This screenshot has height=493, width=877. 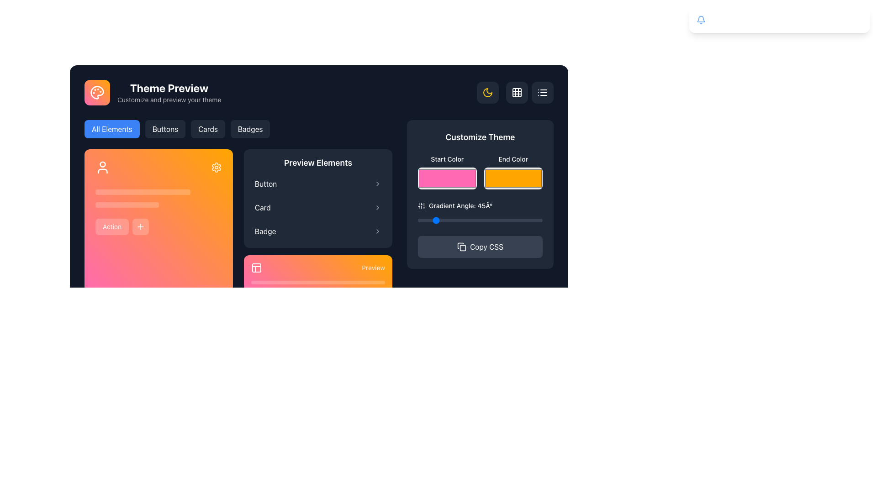 What do you see at coordinates (452, 220) in the screenshot?
I see `the gradient angle` at bounding box center [452, 220].